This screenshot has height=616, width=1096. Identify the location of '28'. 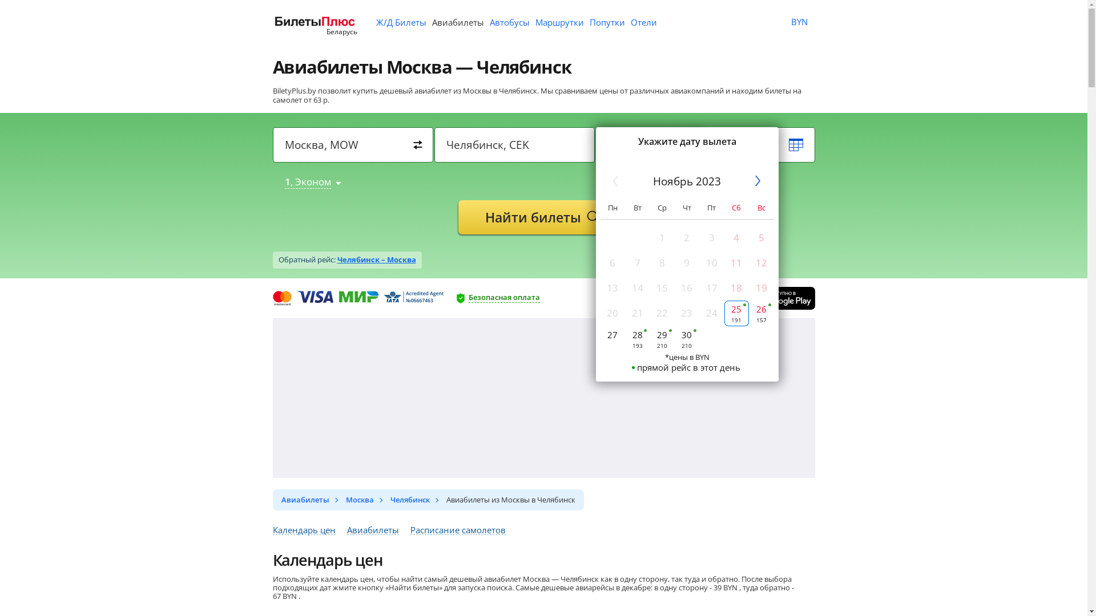
(636, 338).